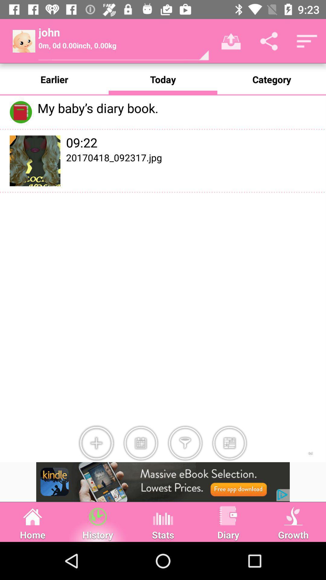 The width and height of the screenshot is (326, 580). Describe the element at coordinates (185, 443) in the screenshot. I see `the filter icon` at that location.